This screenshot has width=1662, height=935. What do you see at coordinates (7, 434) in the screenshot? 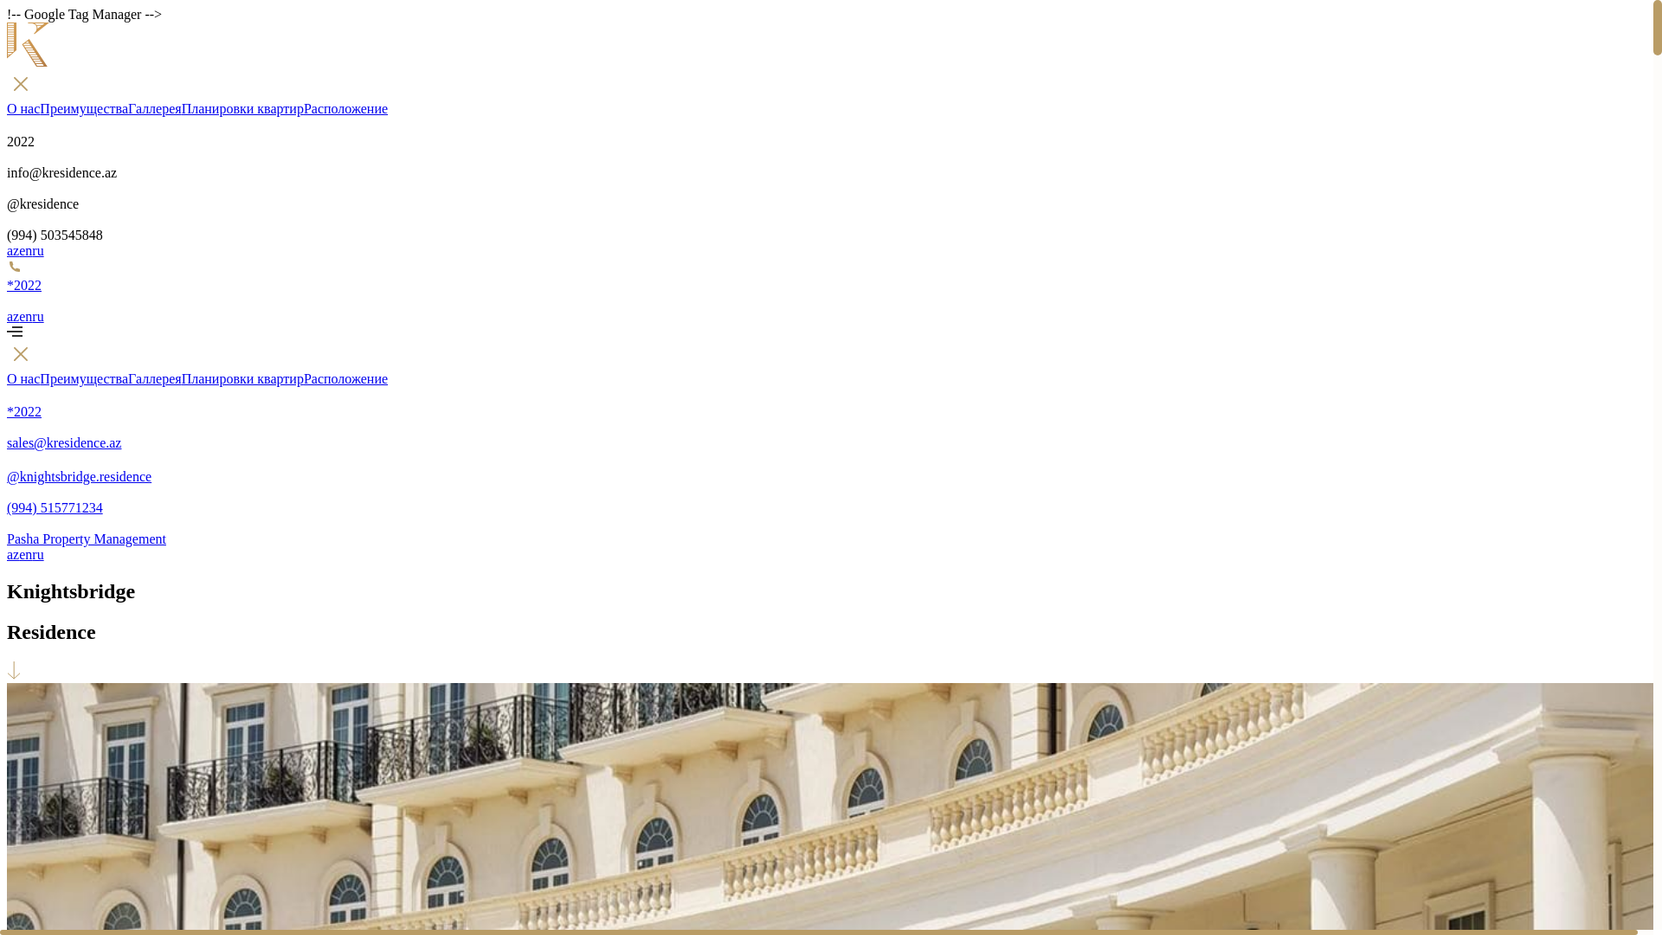
I see `'sales@kresidence.az'` at bounding box center [7, 434].